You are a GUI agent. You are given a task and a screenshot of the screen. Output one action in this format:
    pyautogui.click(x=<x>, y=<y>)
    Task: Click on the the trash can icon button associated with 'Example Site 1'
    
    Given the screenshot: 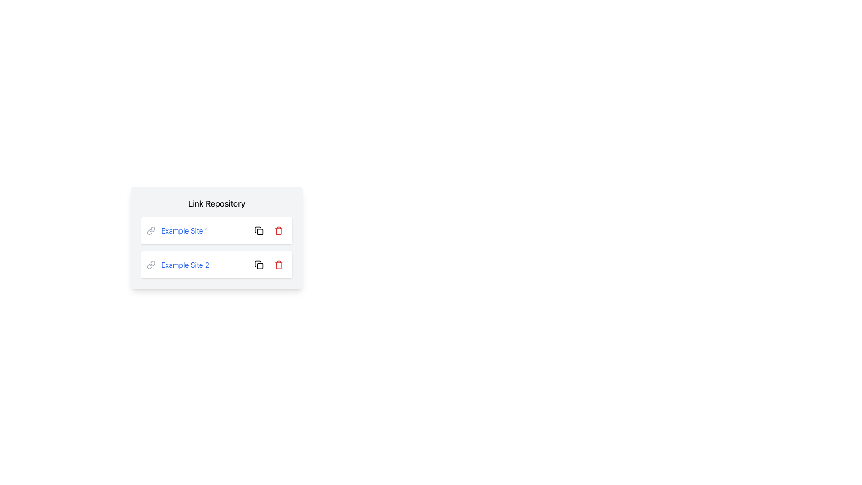 What is the action you would take?
    pyautogui.click(x=278, y=230)
    